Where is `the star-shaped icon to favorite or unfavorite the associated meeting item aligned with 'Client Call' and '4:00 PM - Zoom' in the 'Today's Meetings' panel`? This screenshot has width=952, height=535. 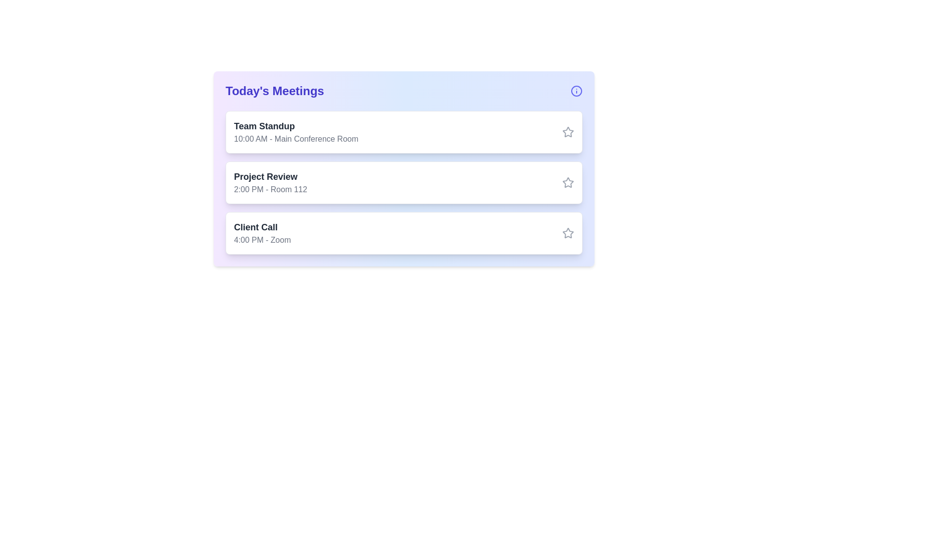 the star-shaped icon to favorite or unfavorite the associated meeting item aligned with 'Client Call' and '4:00 PM - Zoom' in the 'Today's Meetings' panel is located at coordinates (568, 233).